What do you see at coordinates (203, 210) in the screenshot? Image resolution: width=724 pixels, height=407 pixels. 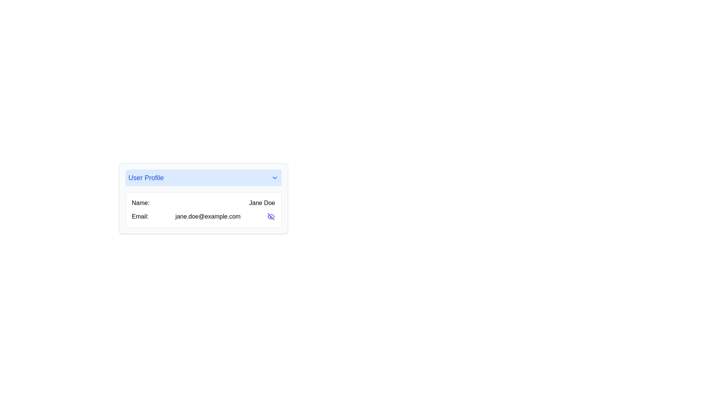 I see `the Information display card located in the 'User Profile' panel` at bounding box center [203, 210].